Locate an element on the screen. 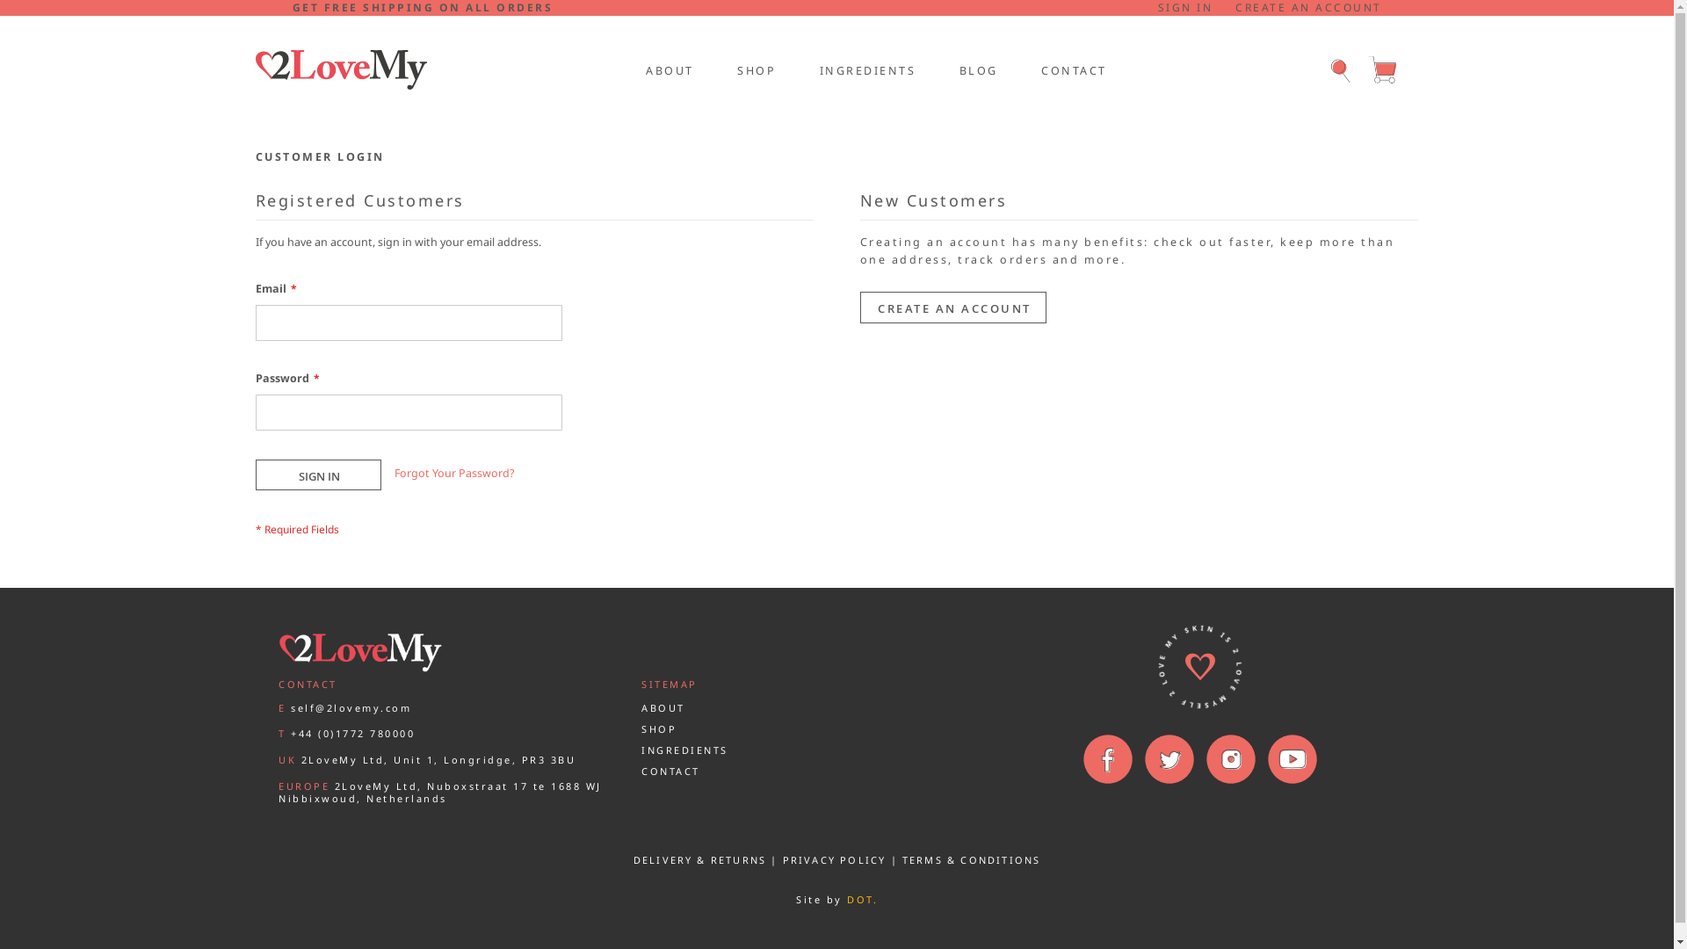 This screenshot has width=1687, height=949. 'self@2lovemy.com' is located at coordinates (351, 706).